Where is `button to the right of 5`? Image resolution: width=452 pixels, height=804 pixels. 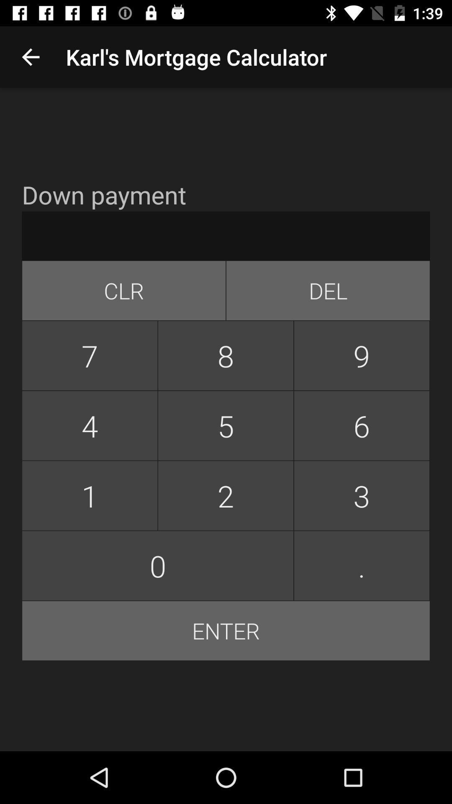 button to the right of 5 is located at coordinates (361, 495).